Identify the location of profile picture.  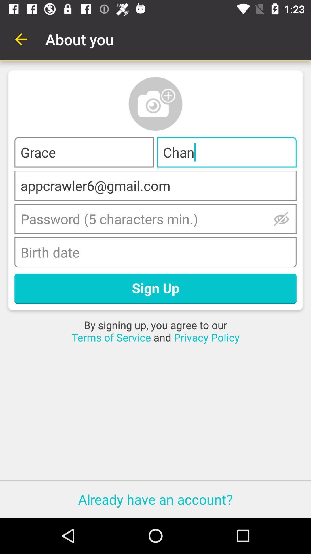
(155, 104).